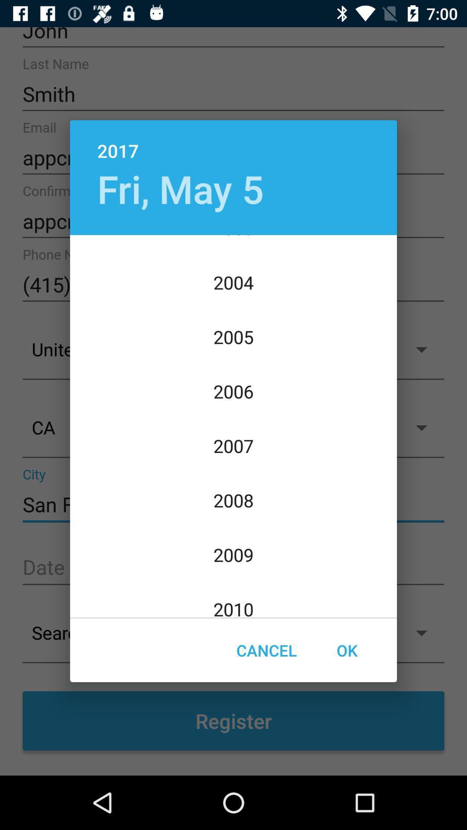  What do you see at coordinates (266, 650) in the screenshot?
I see `item next to the ok icon` at bounding box center [266, 650].